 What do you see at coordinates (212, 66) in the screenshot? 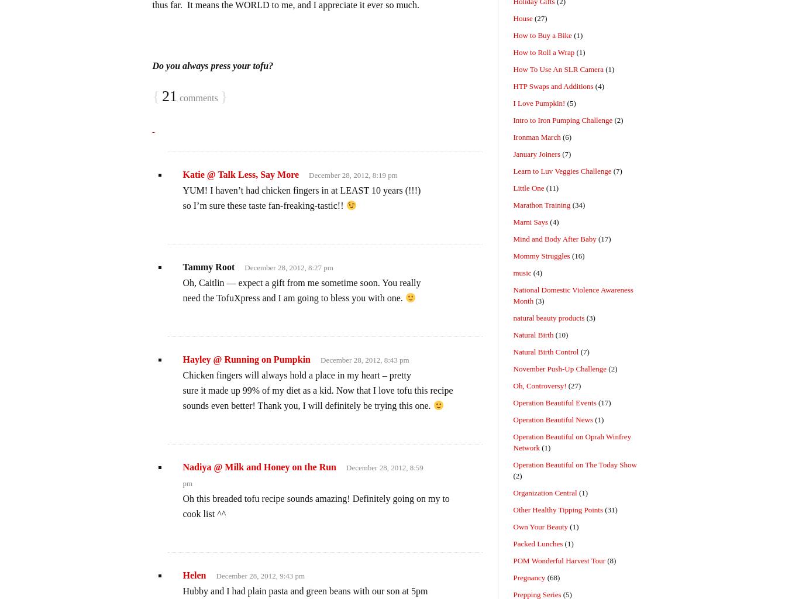
I see `'Do you always press your tofu?'` at bounding box center [212, 66].